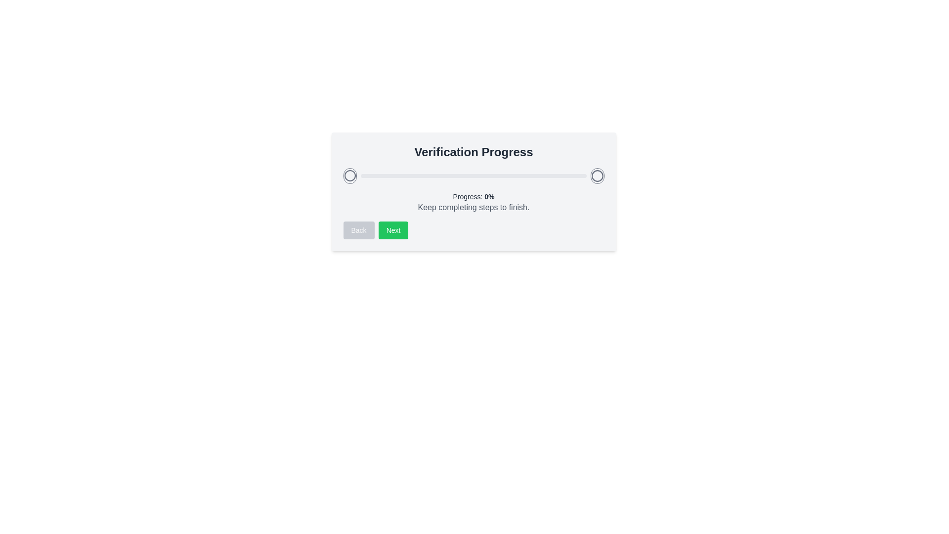  Describe the element at coordinates (393, 230) in the screenshot. I see `the green 'Next' button with rounded corners` at that location.